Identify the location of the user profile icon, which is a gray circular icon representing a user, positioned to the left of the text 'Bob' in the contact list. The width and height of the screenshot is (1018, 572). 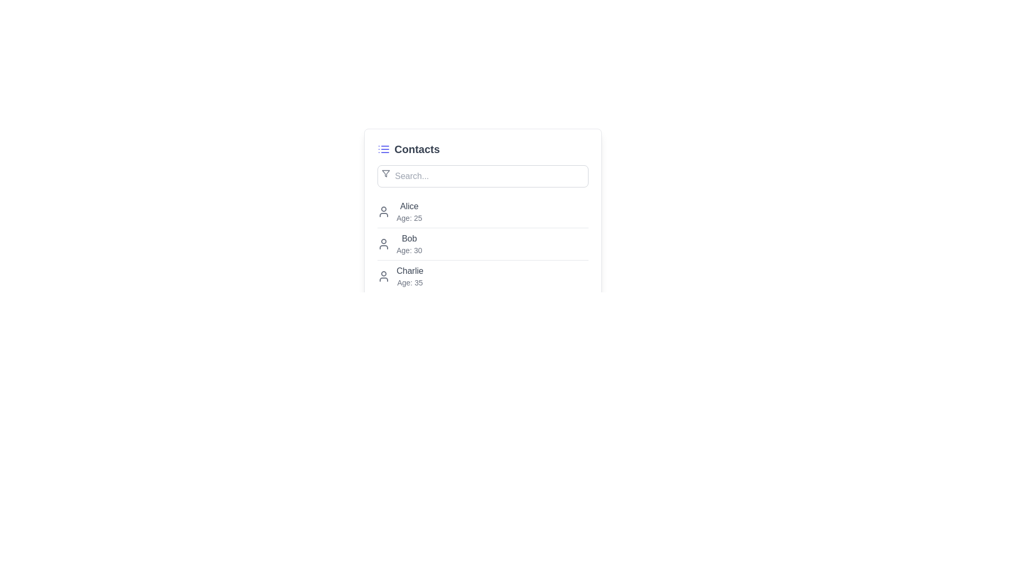
(383, 244).